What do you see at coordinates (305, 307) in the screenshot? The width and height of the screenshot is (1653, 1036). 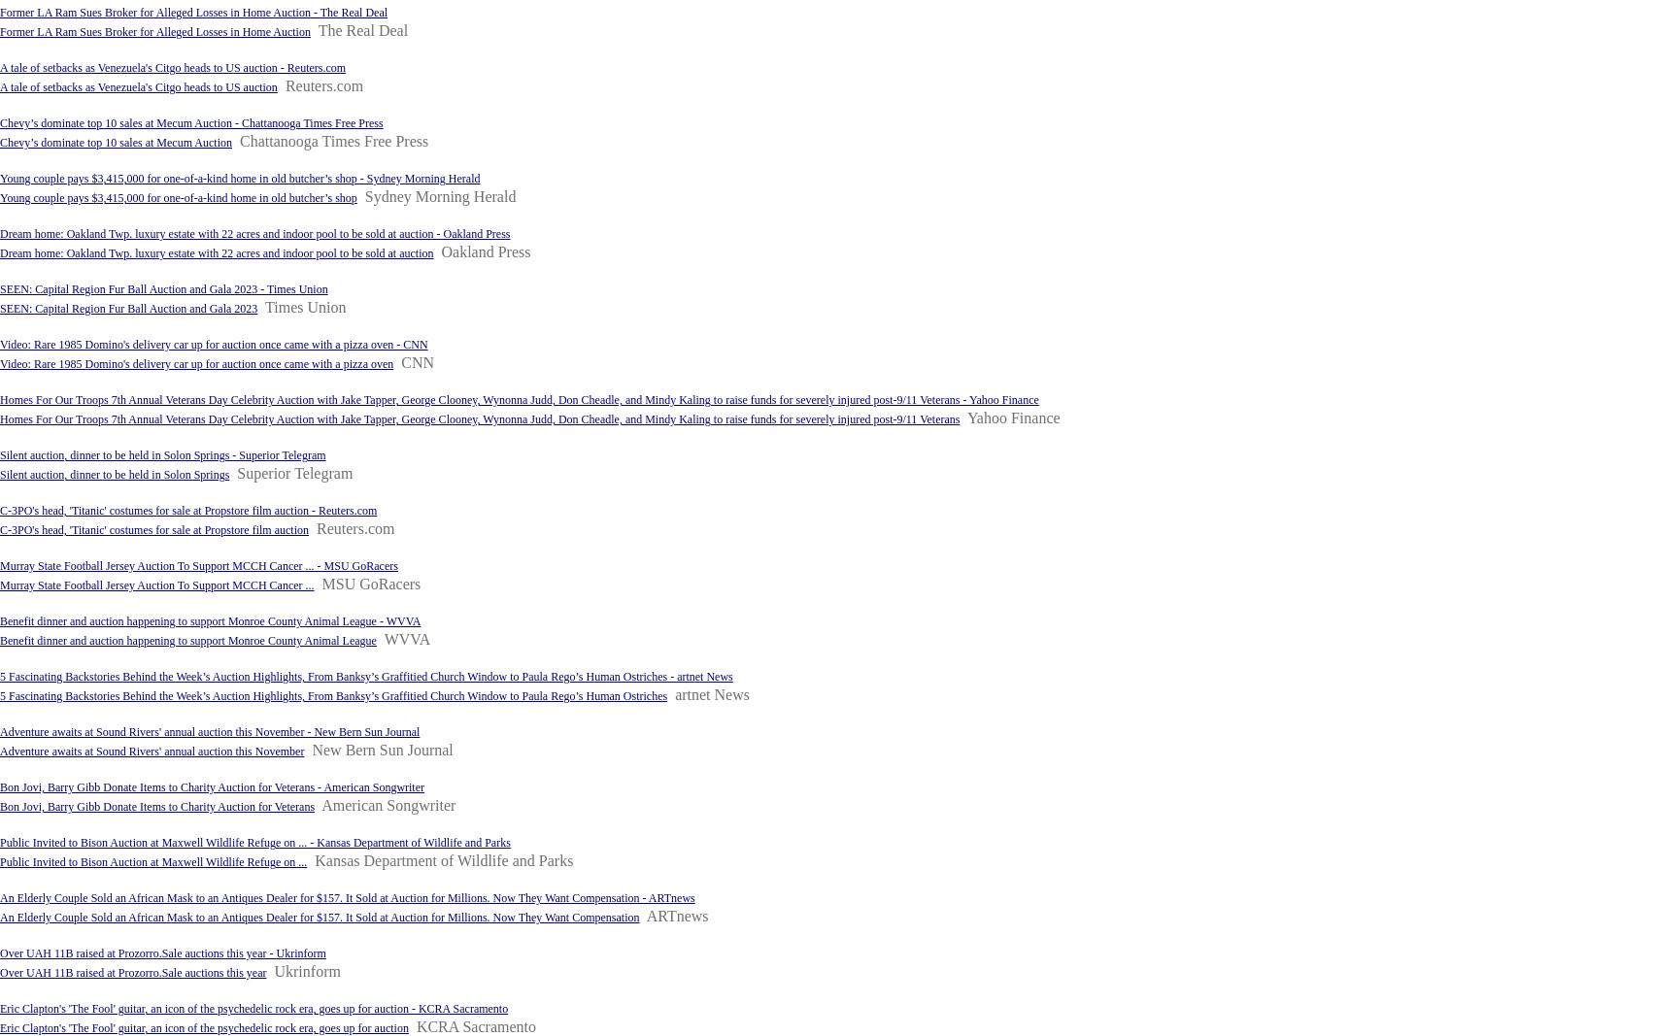 I see `'Times Union'` at bounding box center [305, 307].